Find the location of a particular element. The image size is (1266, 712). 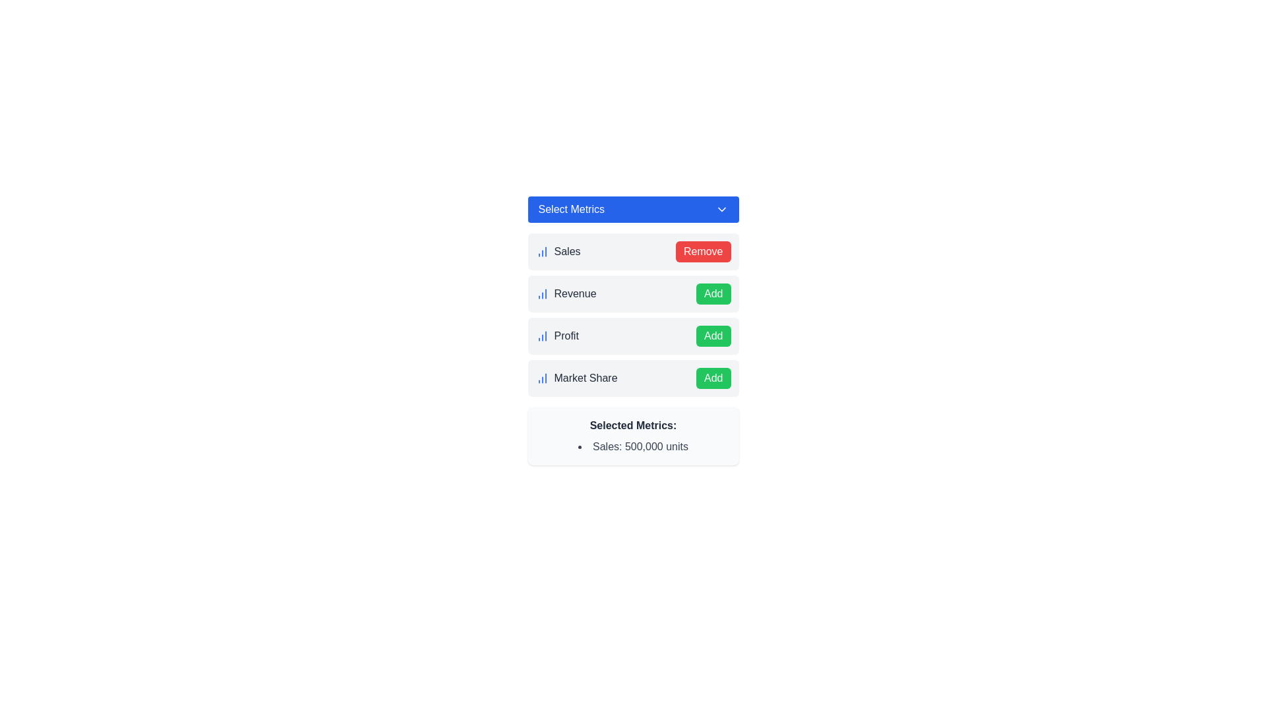

the 'Revenue' list item with a selection button, which is the second item is located at coordinates (633, 293).